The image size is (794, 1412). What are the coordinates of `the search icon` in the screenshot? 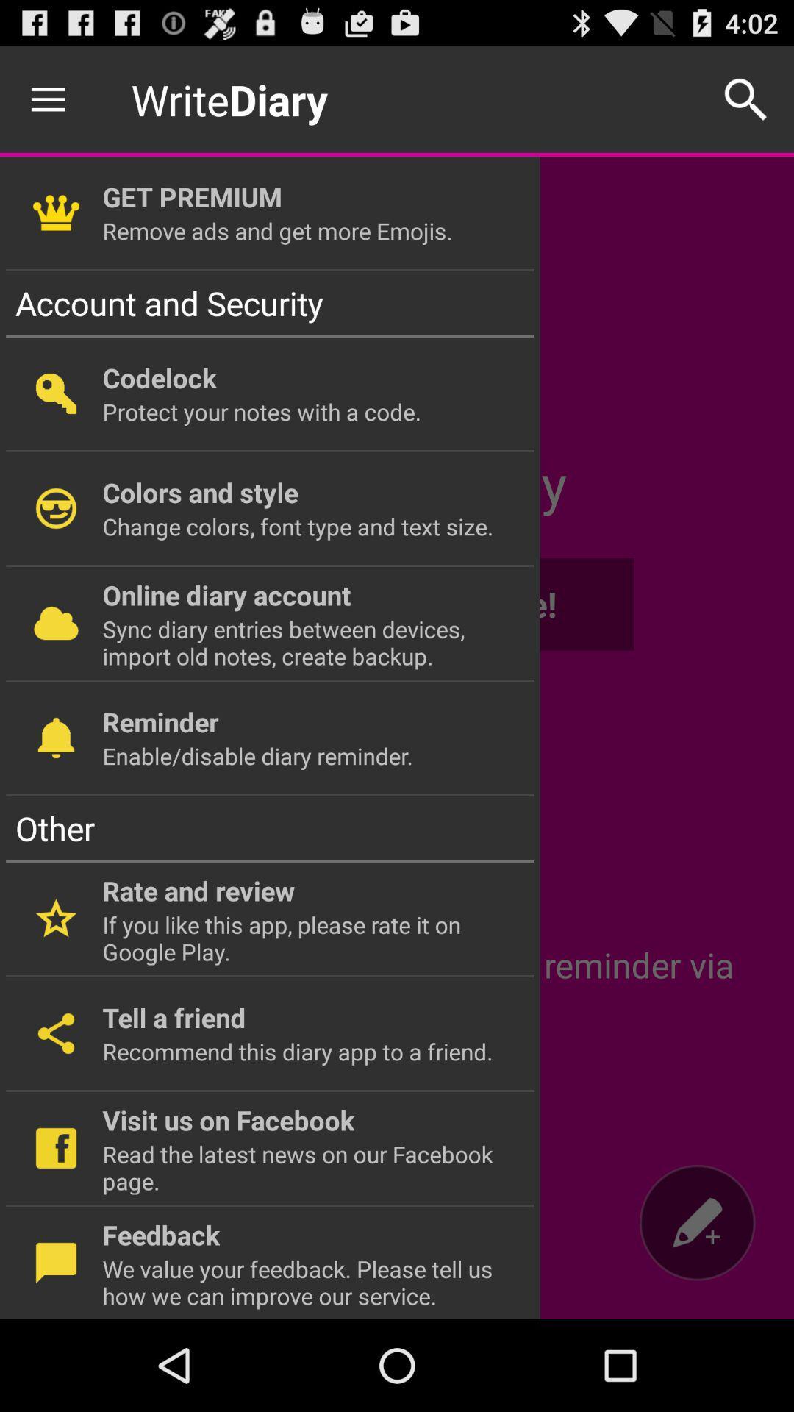 It's located at (745, 105).